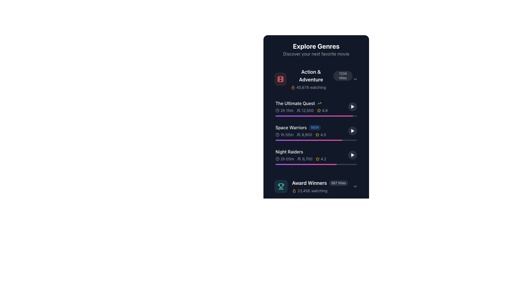 Image resolution: width=528 pixels, height=297 pixels. Describe the element at coordinates (295, 103) in the screenshot. I see `the title label for the media item located in the 'Action & Adventure' category under 'Explore Genres'` at that location.